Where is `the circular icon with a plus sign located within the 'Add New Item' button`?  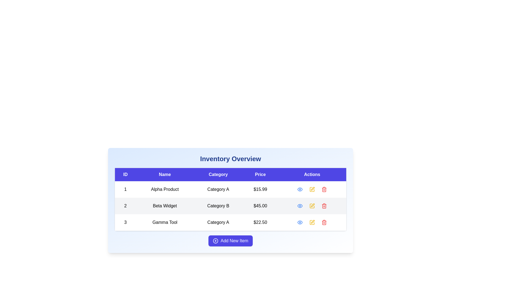 the circular icon with a plus sign located within the 'Add New Item' button is located at coordinates (215, 240).